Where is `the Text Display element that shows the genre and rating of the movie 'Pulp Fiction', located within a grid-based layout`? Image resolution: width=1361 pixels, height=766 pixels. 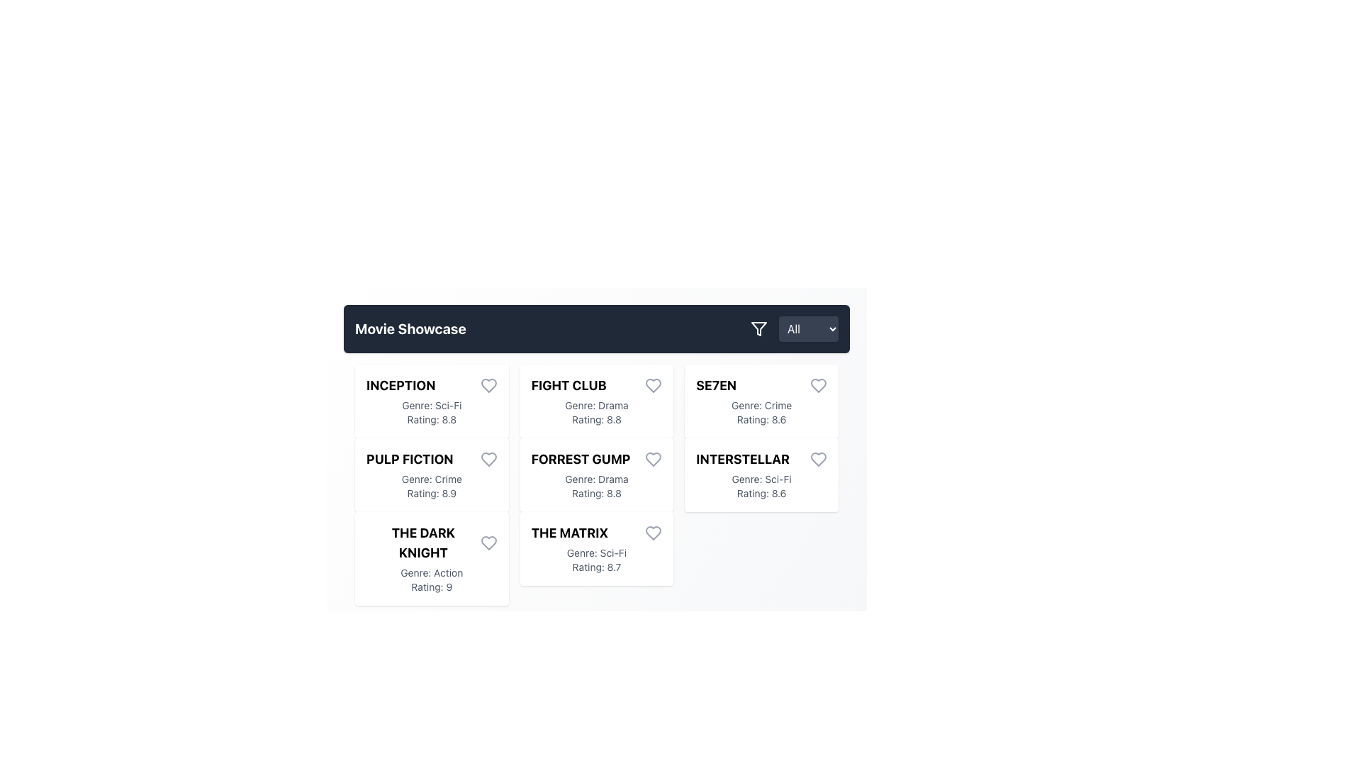 the Text Display element that shows the genre and rating of the movie 'Pulp Fiction', located within a grid-based layout is located at coordinates (431, 486).